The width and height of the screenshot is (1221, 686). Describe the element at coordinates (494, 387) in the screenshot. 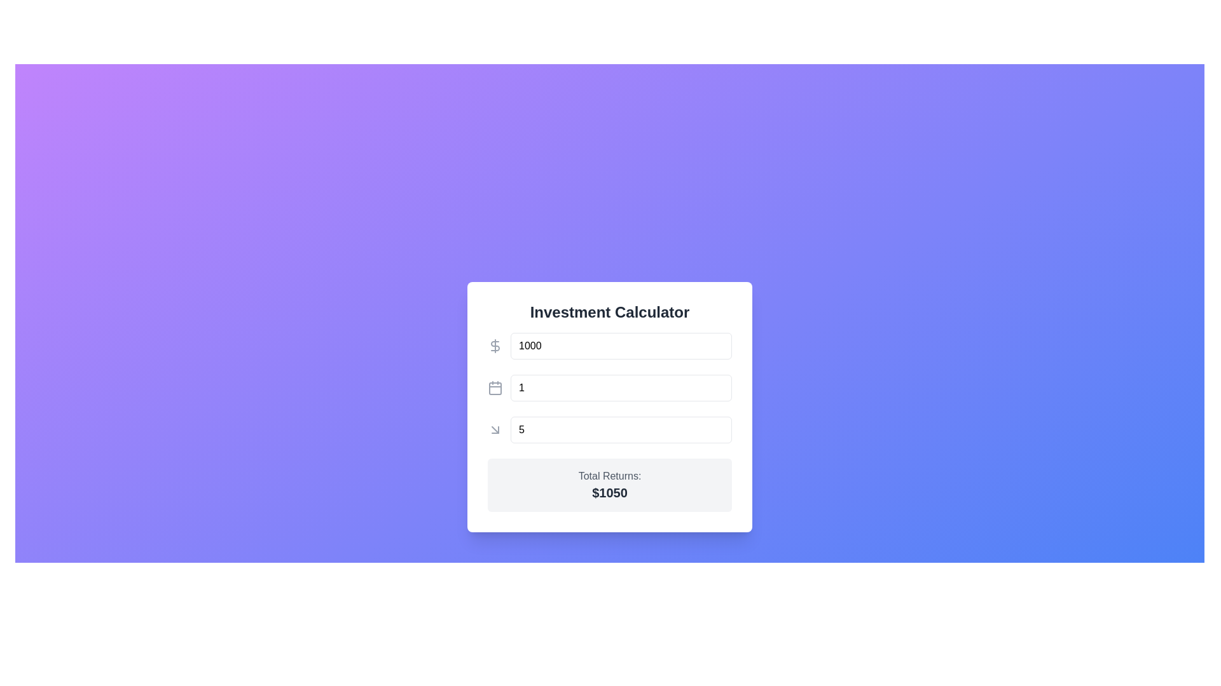

I see `the calendar icon located to the immediate left of the 'Duration in Years' numeric input field for contextual information` at that location.